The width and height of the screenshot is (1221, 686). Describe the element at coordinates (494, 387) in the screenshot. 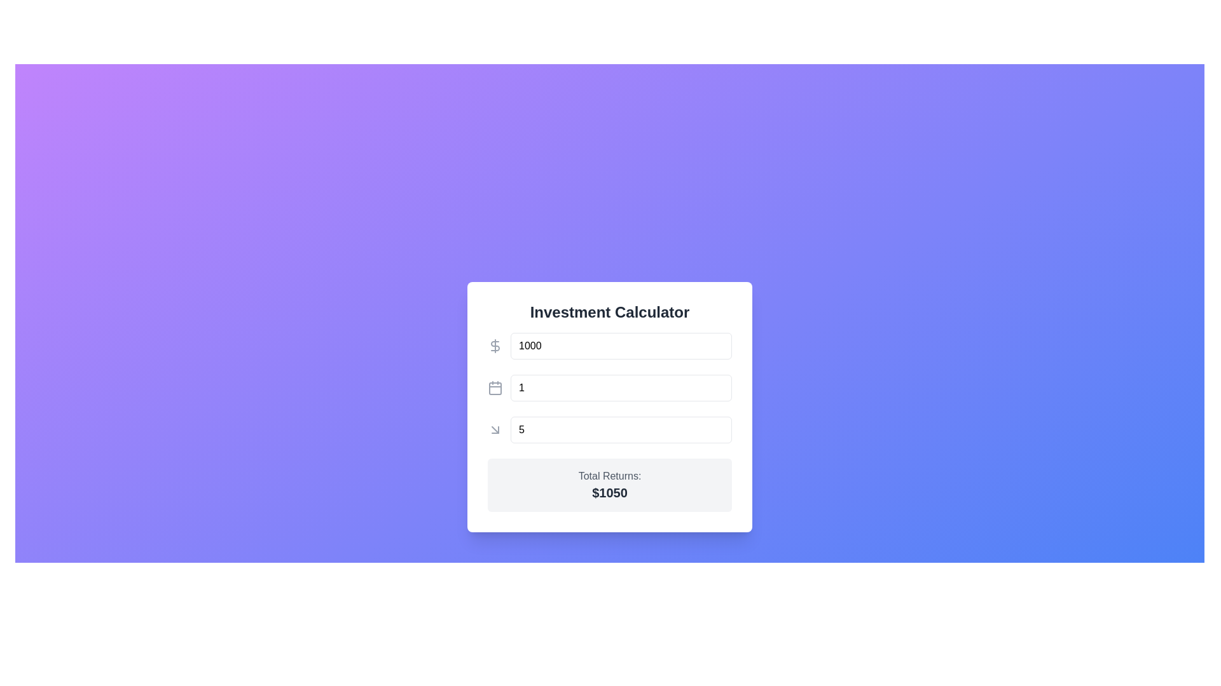

I see `the calendar icon located to the immediate left of the 'Duration in Years' numeric input field for contextual information` at that location.